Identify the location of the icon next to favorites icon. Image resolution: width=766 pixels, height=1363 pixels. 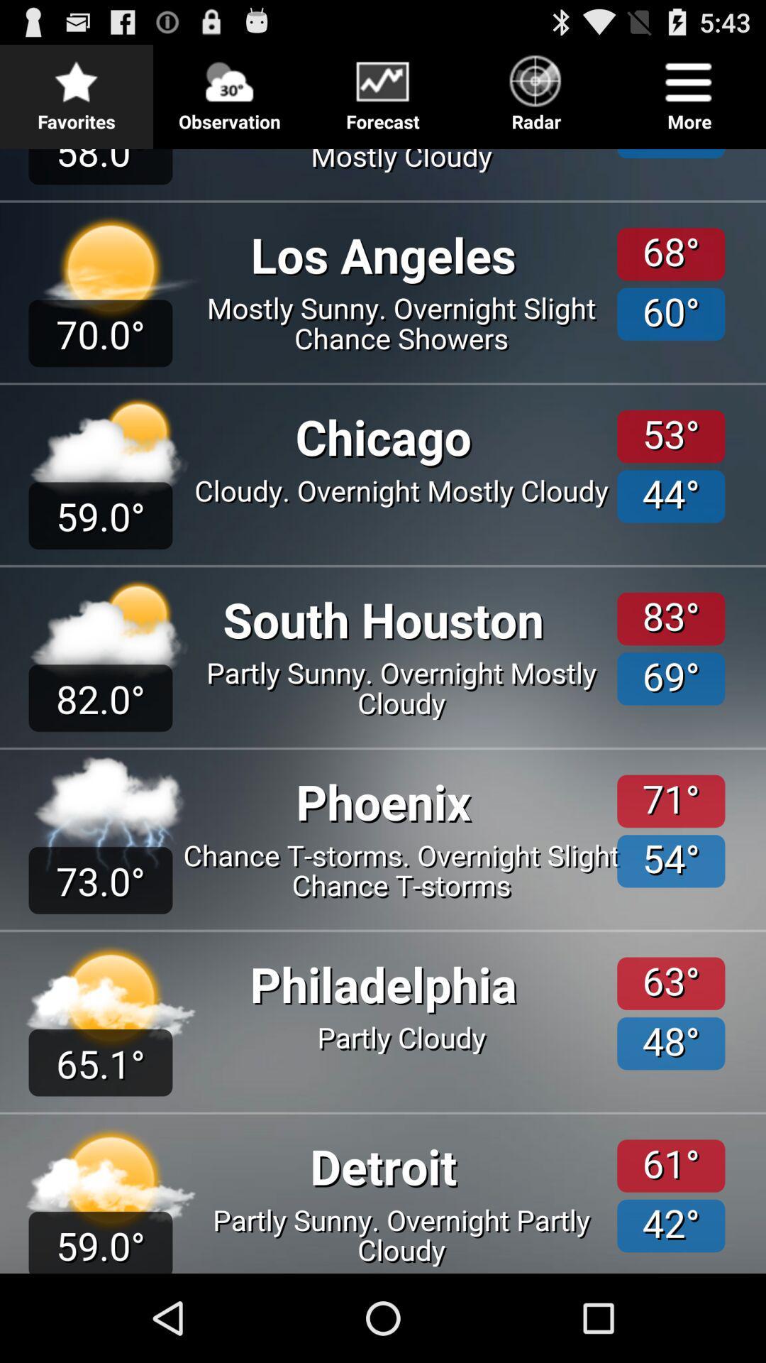
(229, 88).